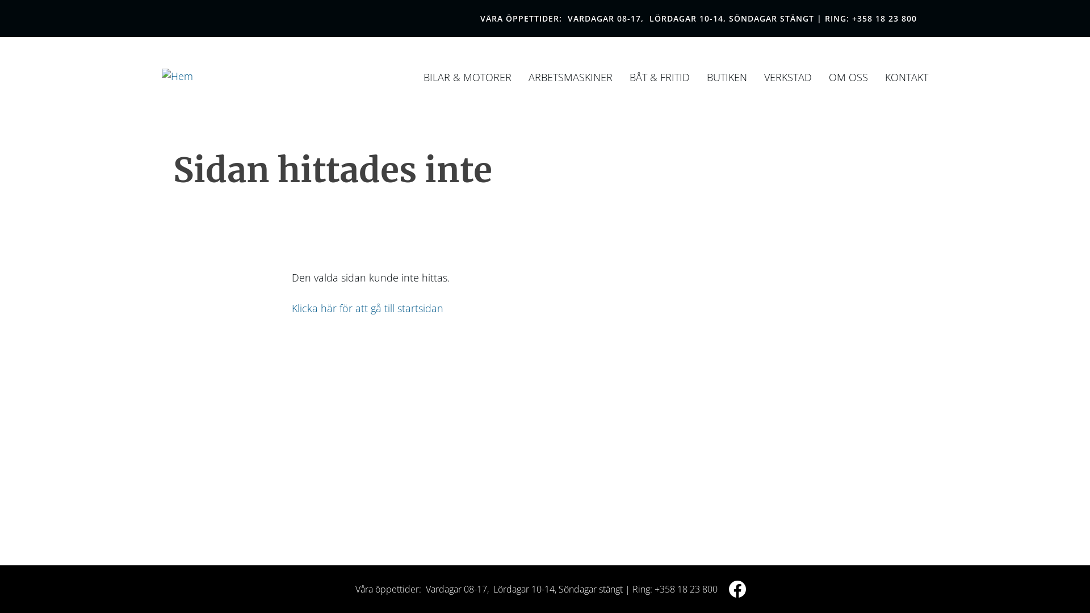 This screenshot has width=1090, height=613. I want to click on 'OM OSS', so click(848, 77).